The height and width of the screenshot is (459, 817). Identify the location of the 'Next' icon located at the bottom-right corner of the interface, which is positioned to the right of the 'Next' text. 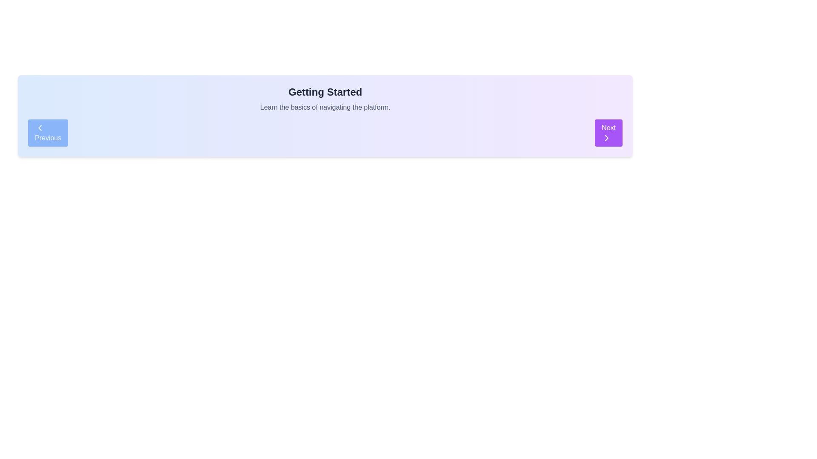
(606, 137).